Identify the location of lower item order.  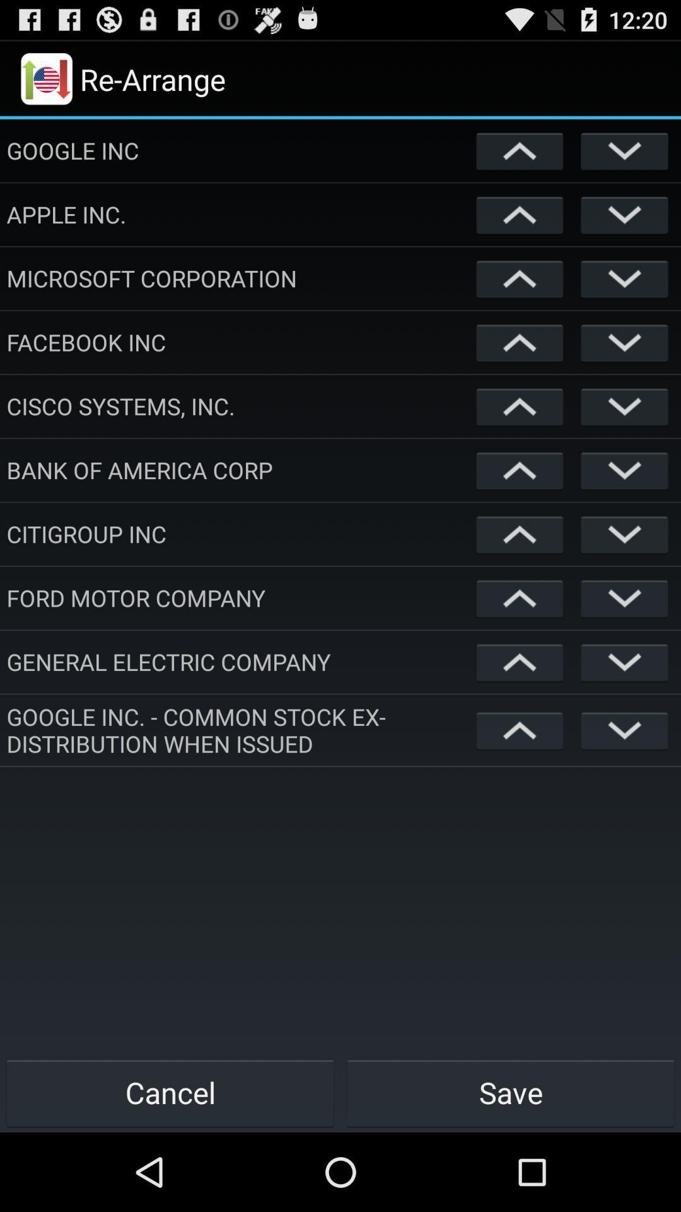
(624, 730).